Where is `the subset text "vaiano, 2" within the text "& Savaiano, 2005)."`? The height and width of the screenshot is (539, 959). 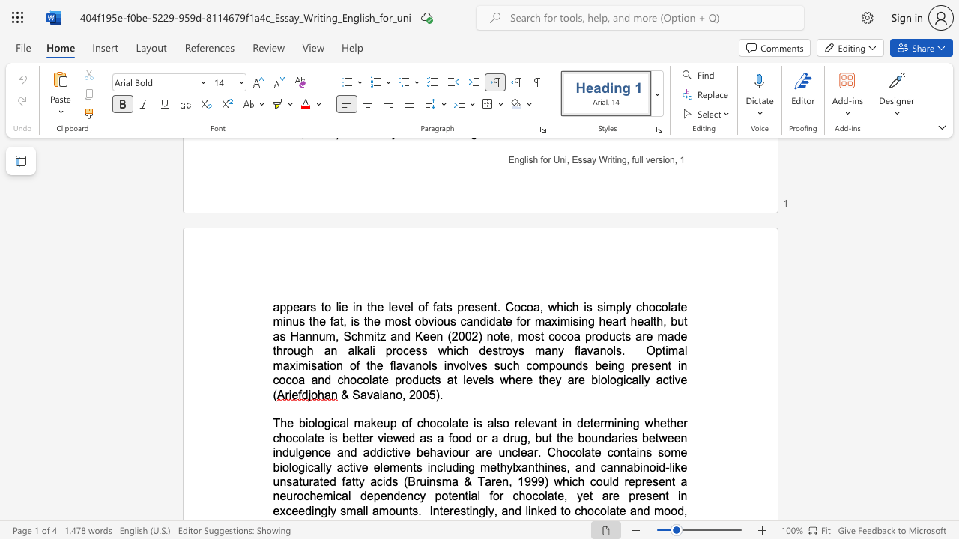 the subset text "vaiano, 2" within the text "& Savaiano, 2005)." is located at coordinates (366, 394).